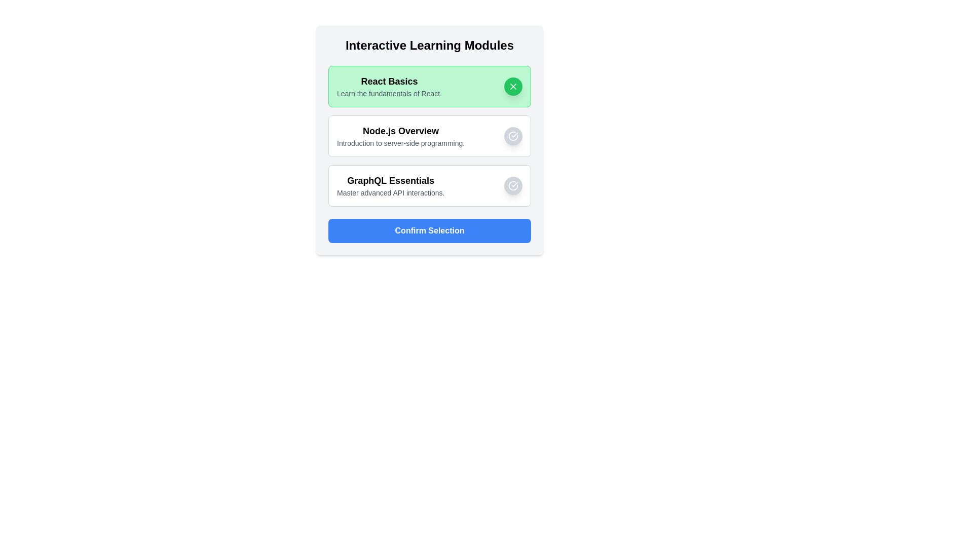  What do you see at coordinates (430, 136) in the screenshot?
I see `the item Node.js Overview to observe its hover effect` at bounding box center [430, 136].